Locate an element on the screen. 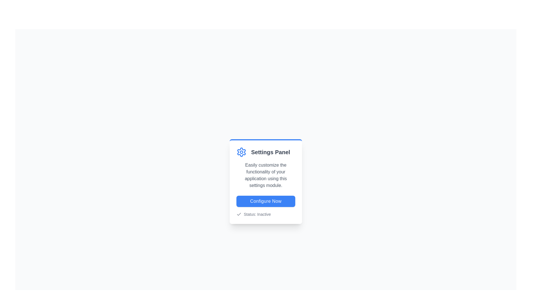 The width and height of the screenshot is (543, 305). gray text about customization functionality located in the center area of the white 'Settings Panel' card, situated above the 'Configure Now' button is located at coordinates (266, 175).